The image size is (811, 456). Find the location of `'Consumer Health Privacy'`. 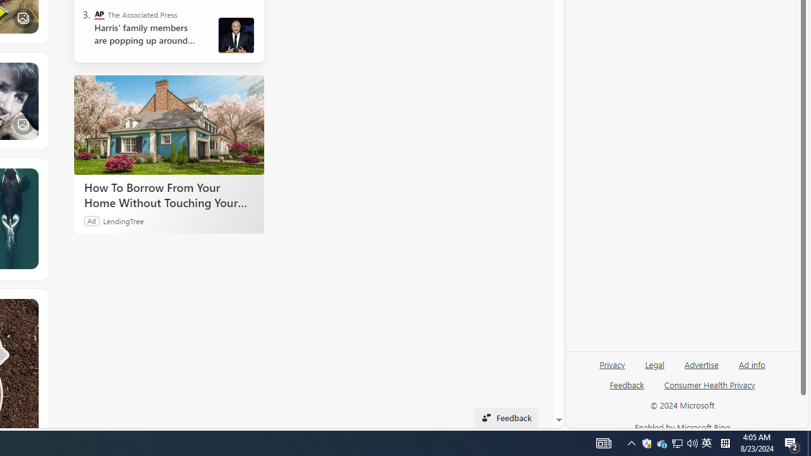

'Consumer Health Privacy' is located at coordinates (710, 384).